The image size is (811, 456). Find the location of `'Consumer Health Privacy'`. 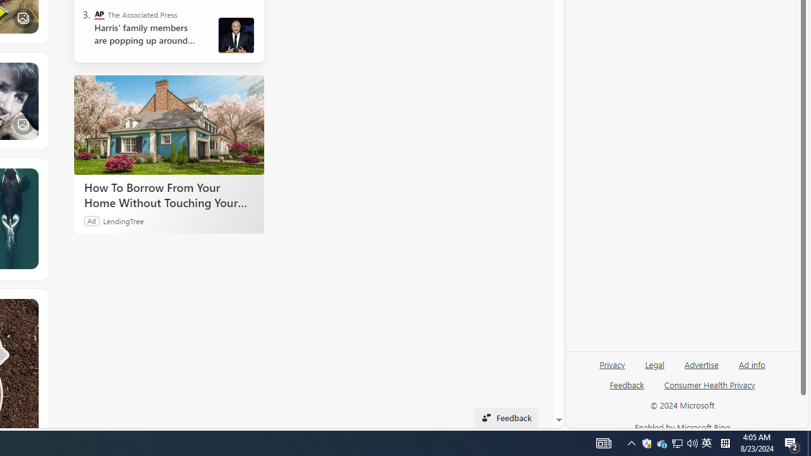

'Consumer Health Privacy' is located at coordinates (710, 384).